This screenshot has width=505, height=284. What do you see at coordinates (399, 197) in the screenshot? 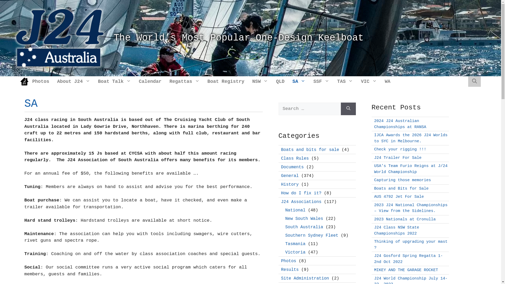
I see `'AUS 4792 Jet For Sale'` at bounding box center [399, 197].